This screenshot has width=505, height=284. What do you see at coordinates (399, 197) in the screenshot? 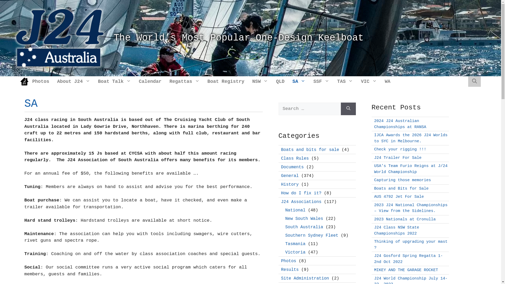
I see `'AUS 4792 Jet For Sale'` at bounding box center [399, 197].